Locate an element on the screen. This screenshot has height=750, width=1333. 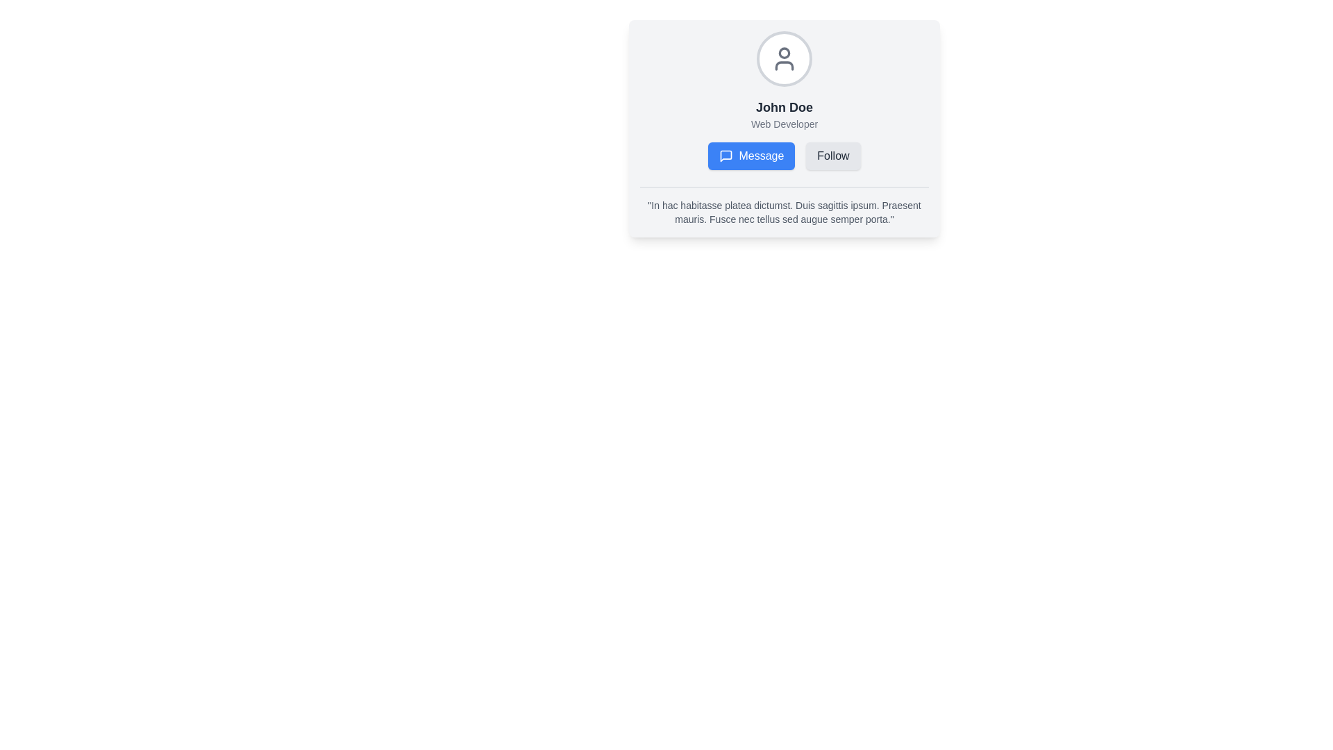
the 'Message' button located in the middle-bottom area of the user profile card is located at coordinates (751, 156).